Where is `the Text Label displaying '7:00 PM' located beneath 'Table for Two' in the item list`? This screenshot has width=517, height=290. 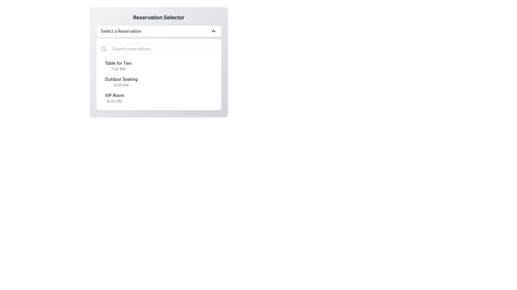
the Text Label displaying '7:00 PM' located beneath 'Table for Two' in the item list is located at coordinates (118, 69).